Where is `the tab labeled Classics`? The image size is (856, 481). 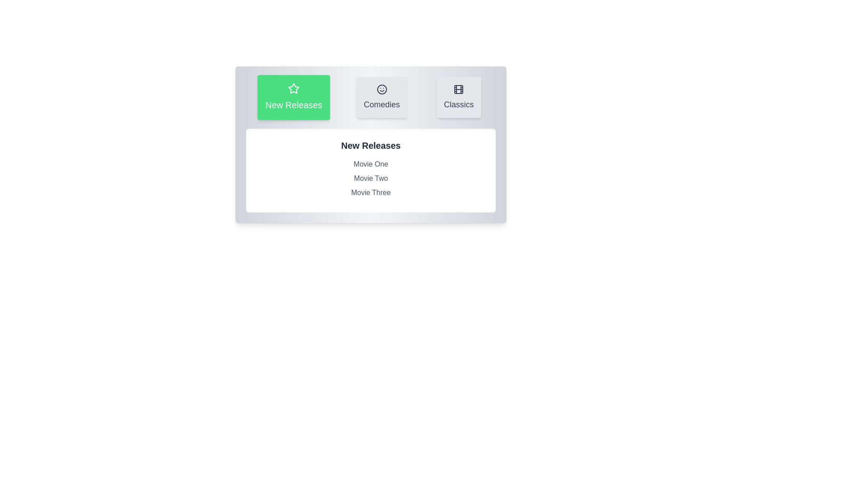
the tab labeled Classics is located at coordinates (459, 98).